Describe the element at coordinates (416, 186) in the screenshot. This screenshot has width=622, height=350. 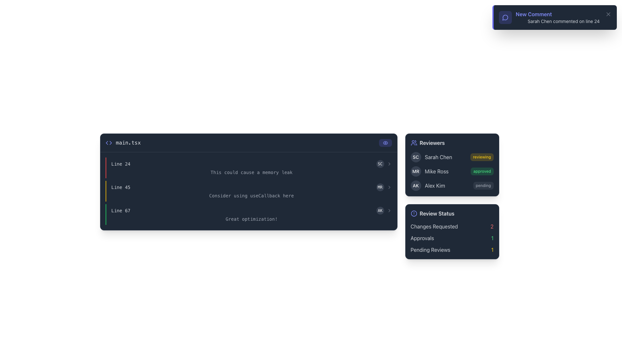
I see `the circular badge with a dark gray background and white text 'AK'` at that location.